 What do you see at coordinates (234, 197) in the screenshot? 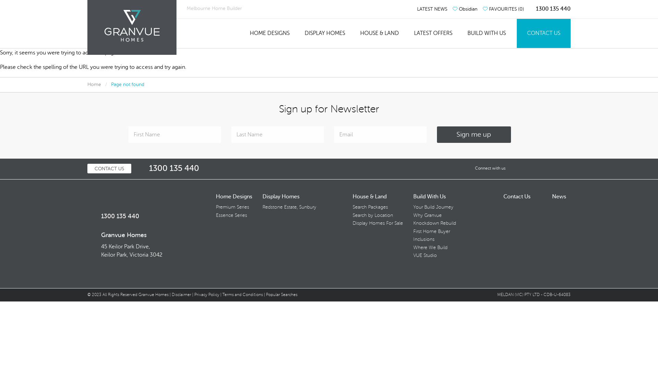
I see `'Home Designs'` at bounding box center [234, 197].